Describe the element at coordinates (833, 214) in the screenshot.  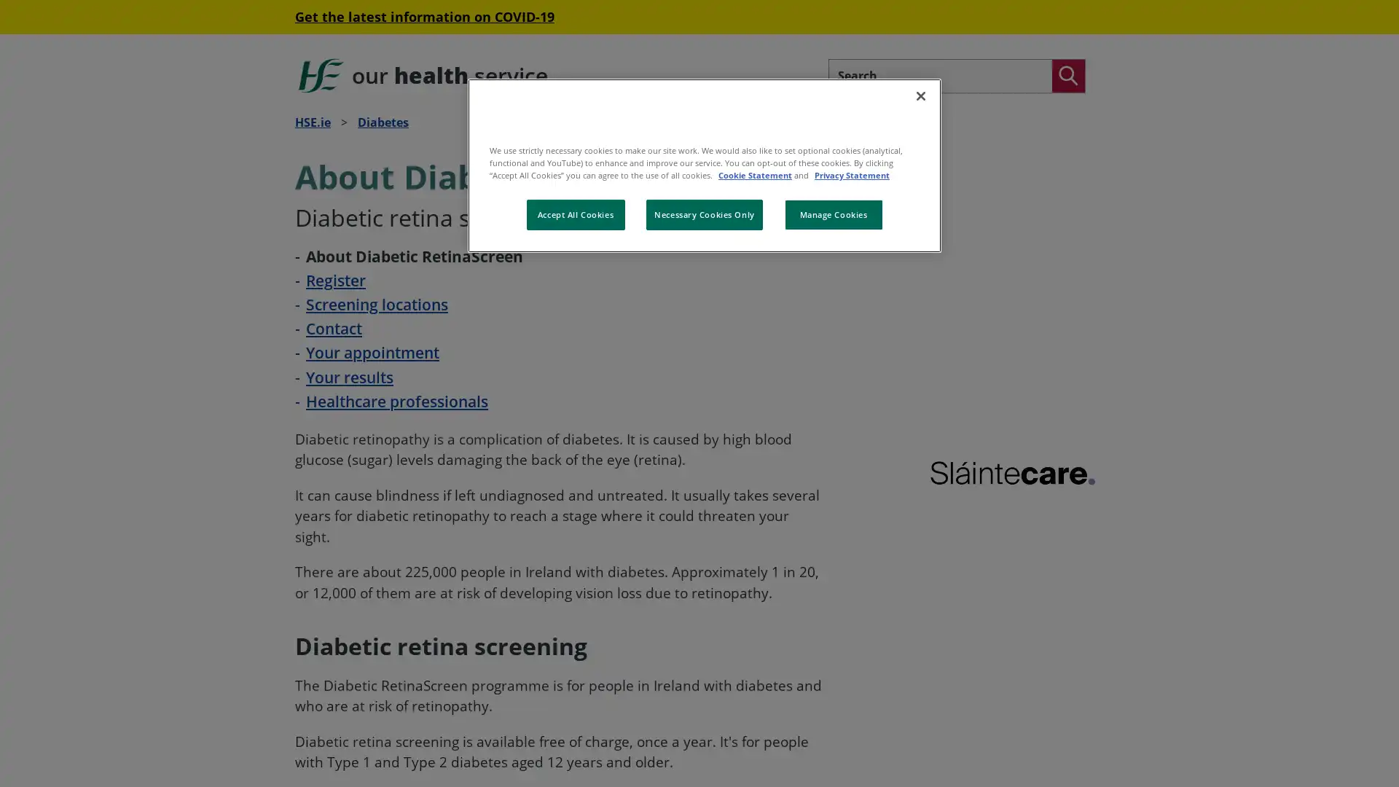
I see `Manage Cookies` at that location.